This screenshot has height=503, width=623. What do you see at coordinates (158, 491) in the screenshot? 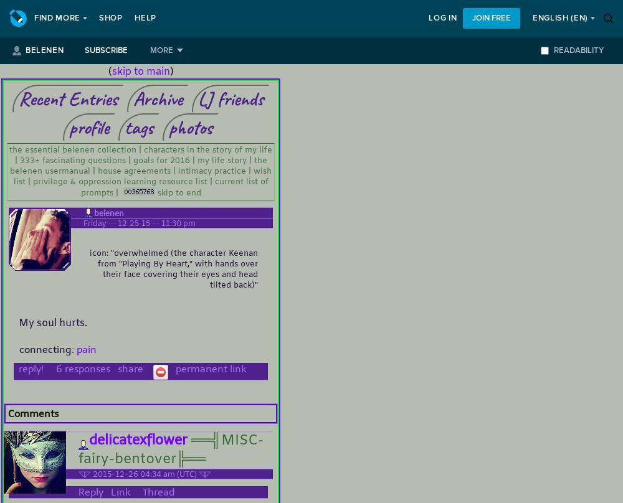
I see `'Thread'` at bounding box center [158, 491].